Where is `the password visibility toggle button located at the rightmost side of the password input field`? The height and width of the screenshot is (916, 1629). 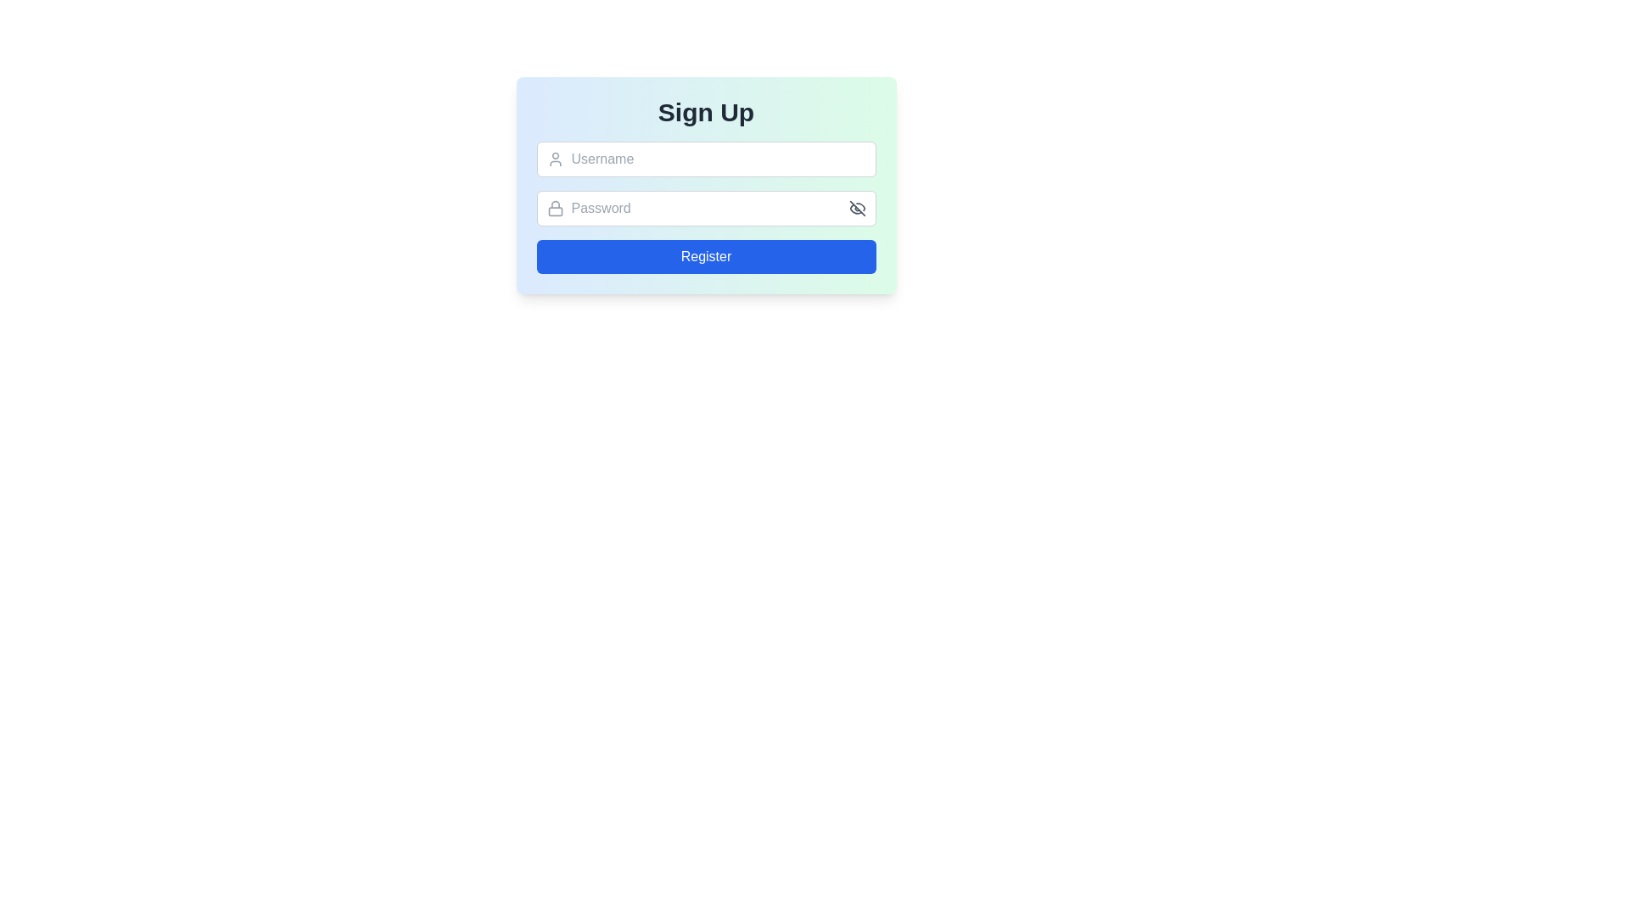
the password visibility toggle button located at the rightmost side of the password input field is located at coordinates (857, 208).